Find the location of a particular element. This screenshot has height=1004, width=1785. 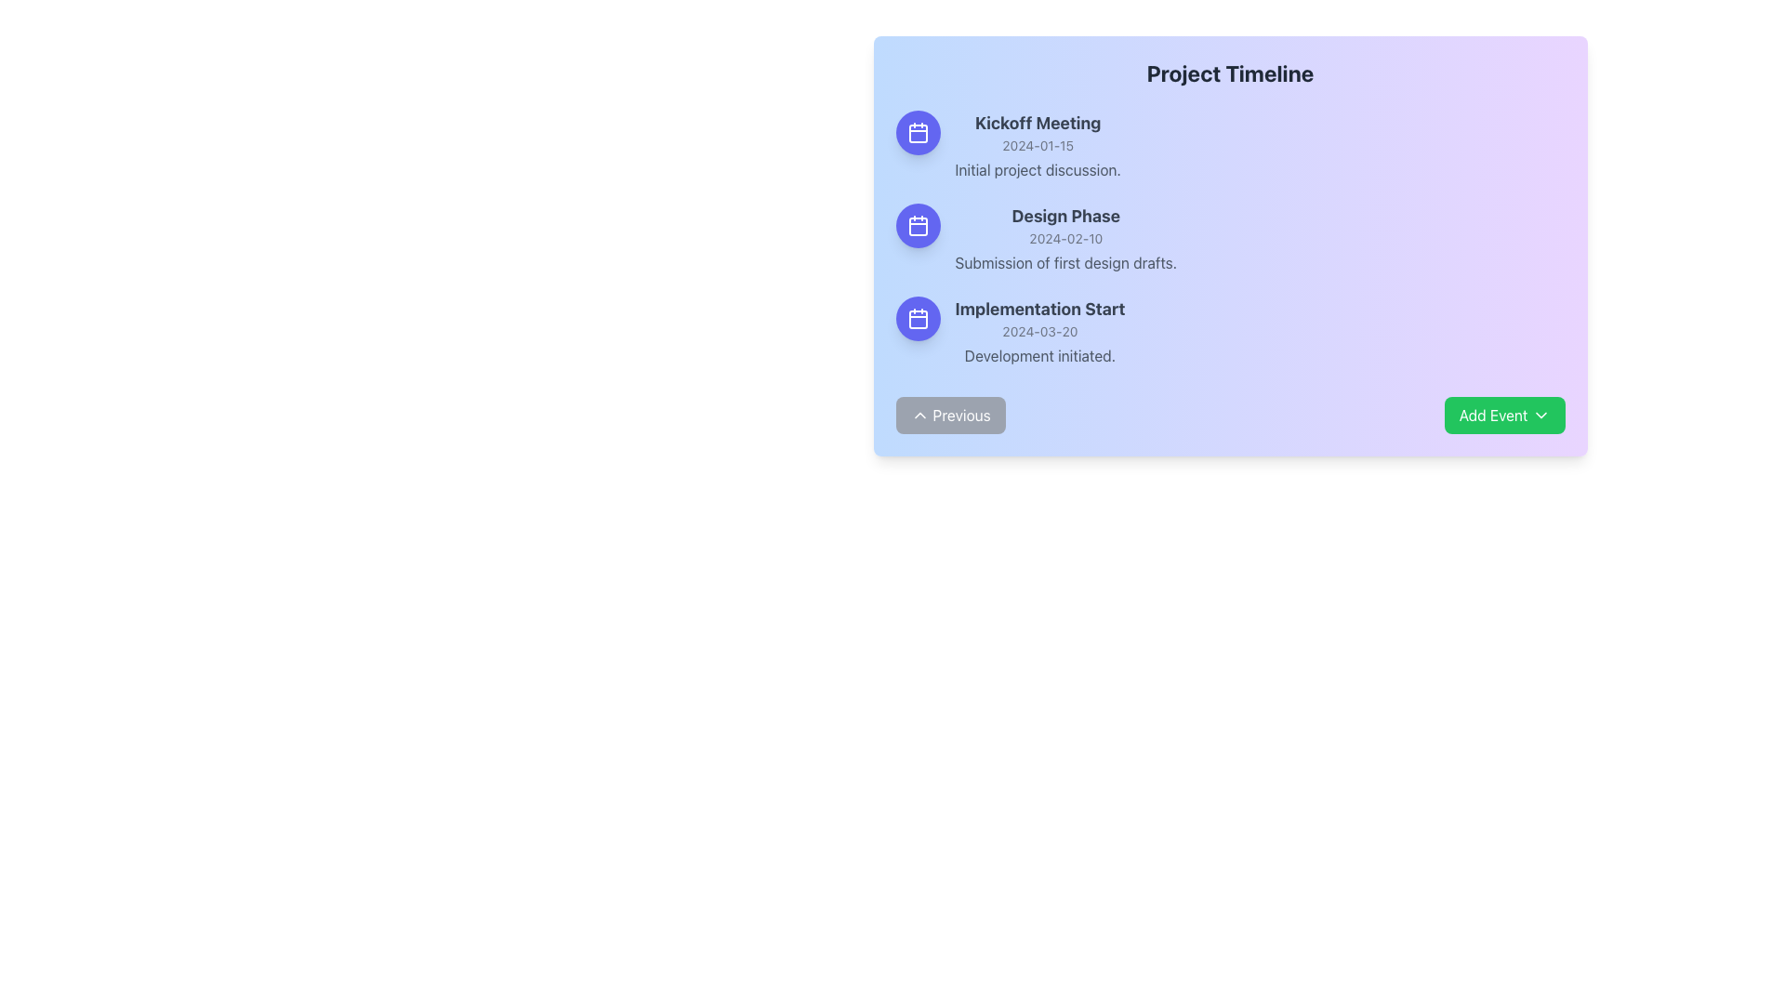

the project timeline card located at the top-center of the panel to focus on its sub-elements is located at coordinates (1230, 245).